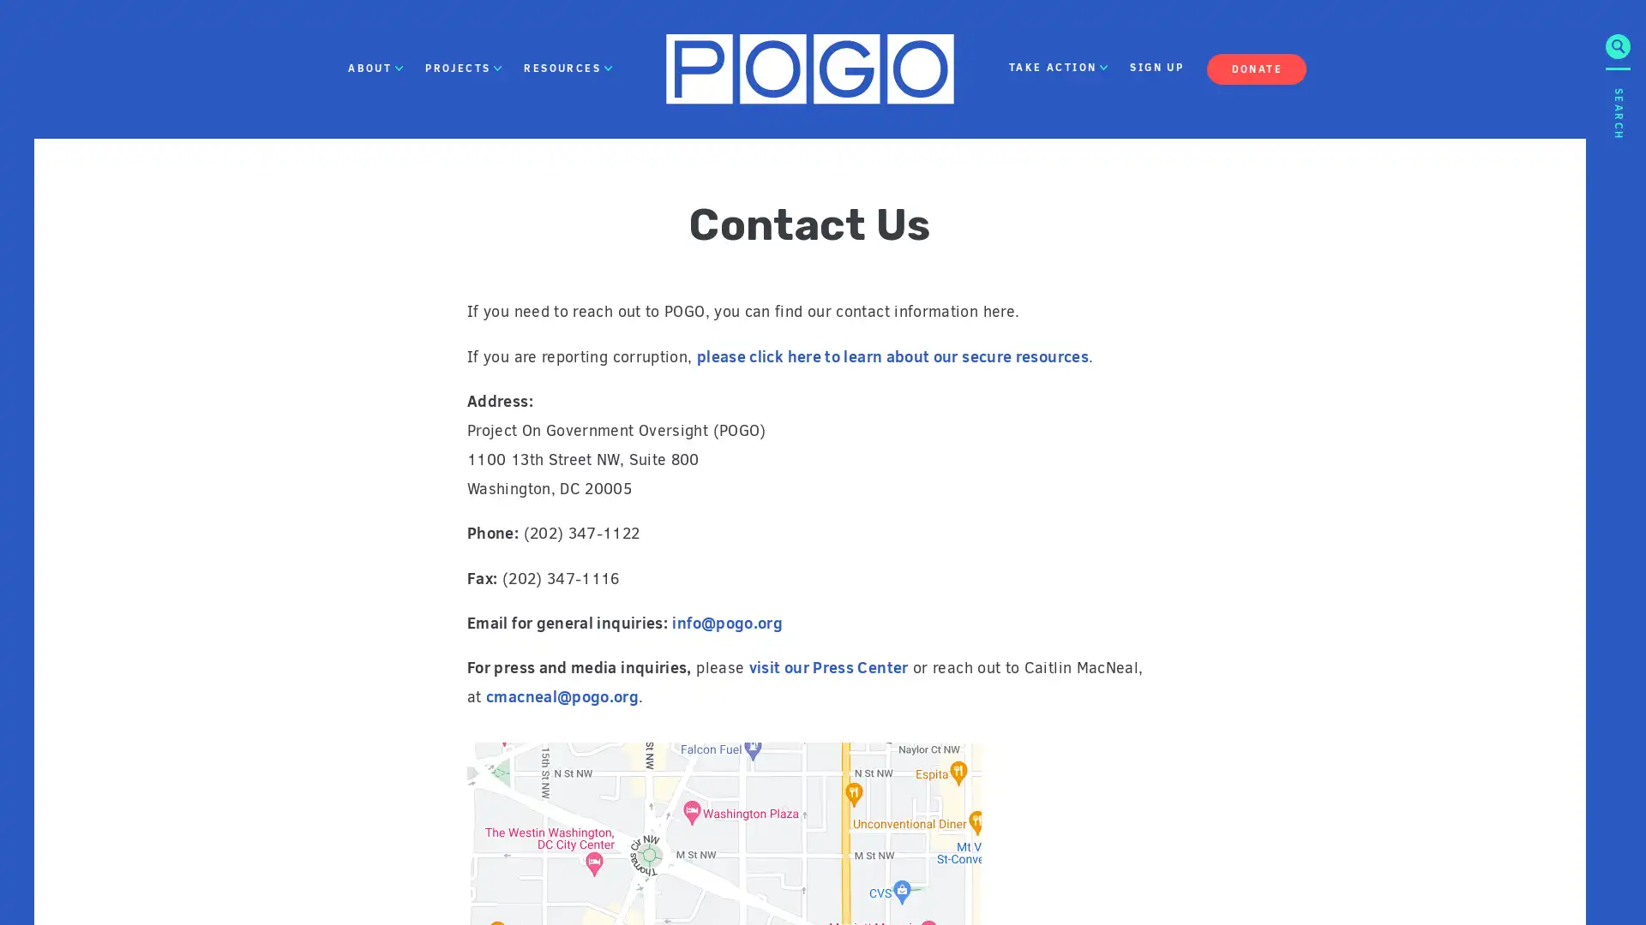  I want to click on TAKE ACTION, so click(1057, 68).